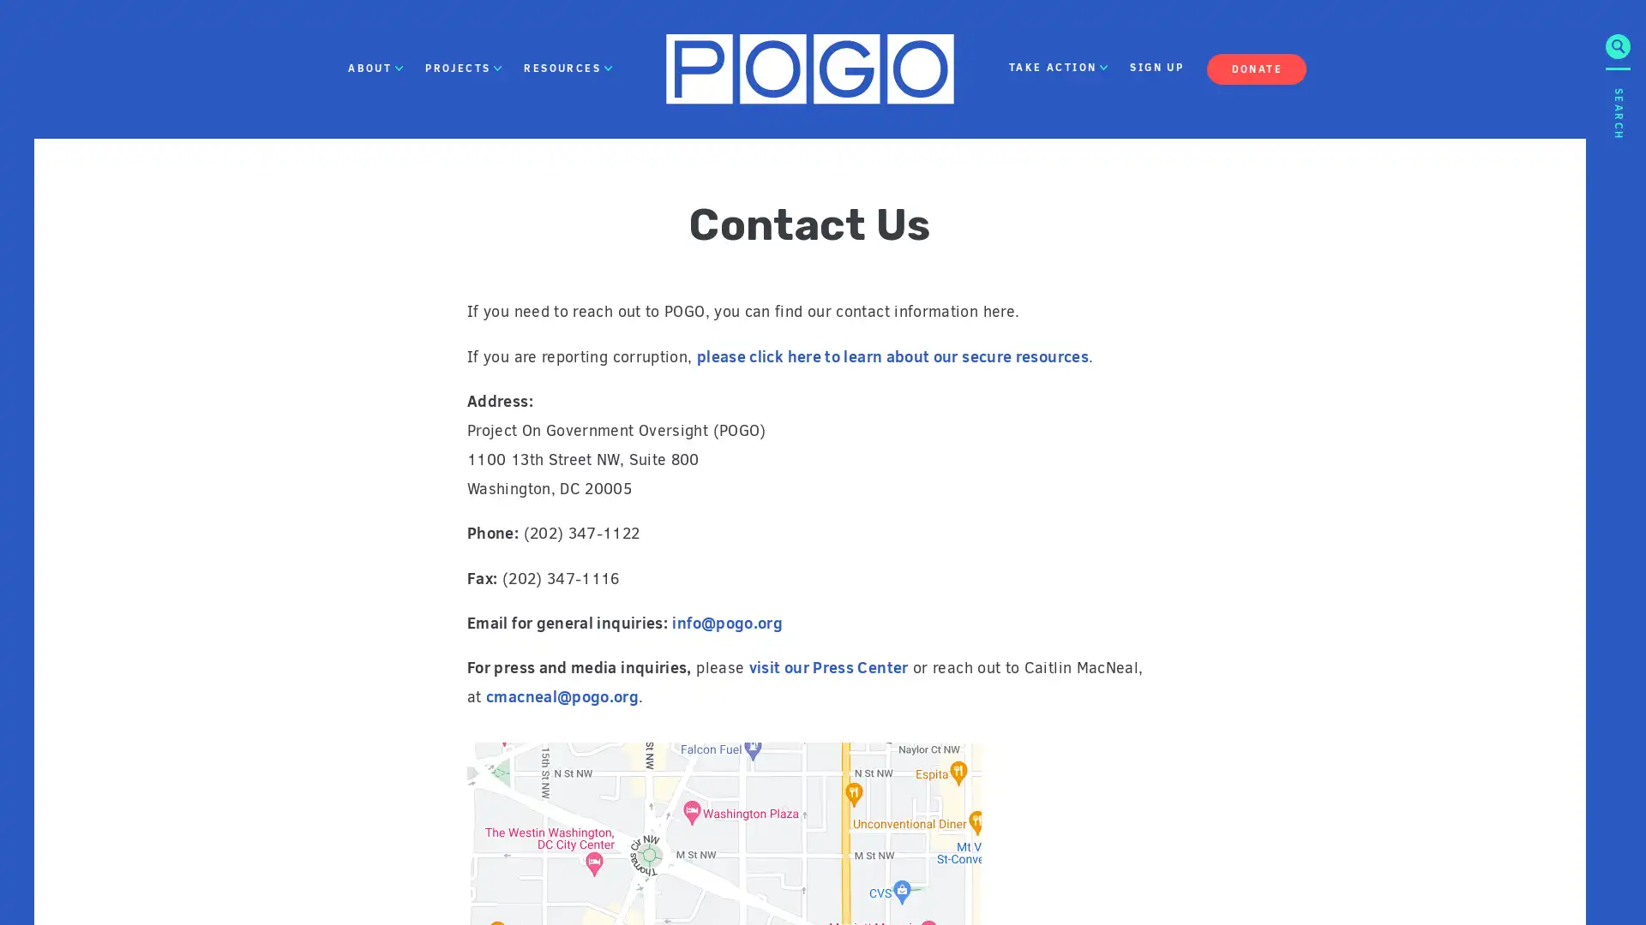  I want to click on TAKE ACTION, so click(1057, 68).